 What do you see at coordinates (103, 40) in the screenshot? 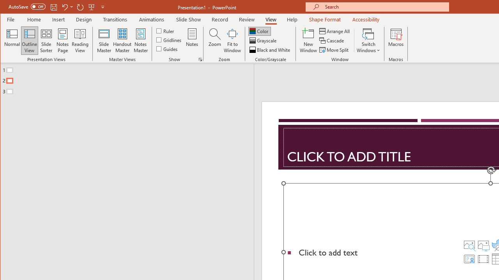
I see `'Slide Master'` at bounding box center [103, 40].